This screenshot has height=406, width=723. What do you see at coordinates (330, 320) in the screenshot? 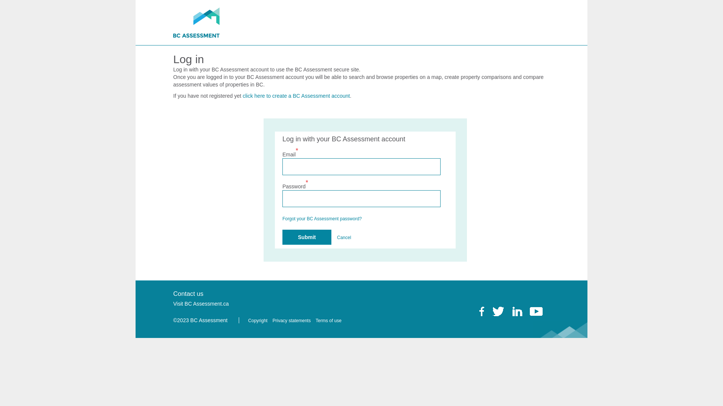
I see `'Terms of use'` at bounding box center [330, 320].